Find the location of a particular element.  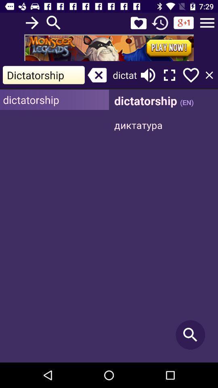

the history icon is located at coordinates (160, 22).